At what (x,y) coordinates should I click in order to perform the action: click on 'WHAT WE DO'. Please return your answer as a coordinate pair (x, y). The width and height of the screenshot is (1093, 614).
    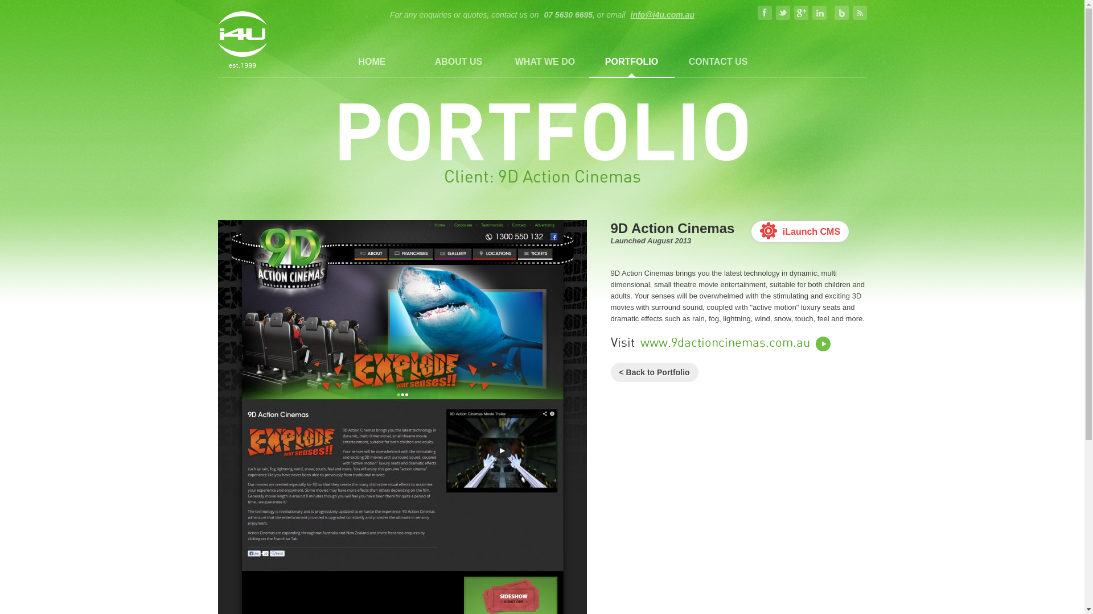
    Looking at the image, I should click on (544, 61).